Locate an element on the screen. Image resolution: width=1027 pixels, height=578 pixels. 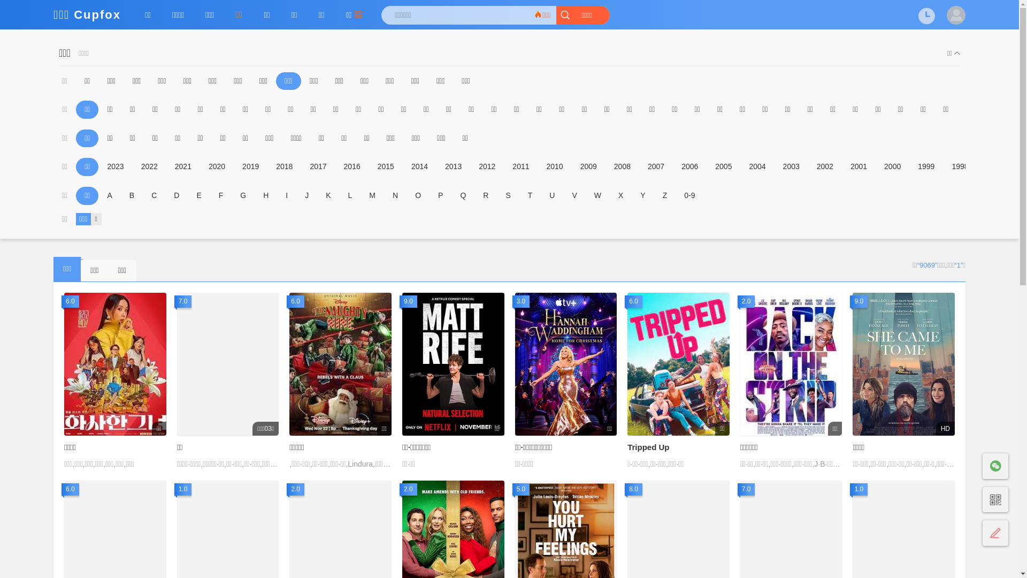
'A' is located at coordinates (109, 196).